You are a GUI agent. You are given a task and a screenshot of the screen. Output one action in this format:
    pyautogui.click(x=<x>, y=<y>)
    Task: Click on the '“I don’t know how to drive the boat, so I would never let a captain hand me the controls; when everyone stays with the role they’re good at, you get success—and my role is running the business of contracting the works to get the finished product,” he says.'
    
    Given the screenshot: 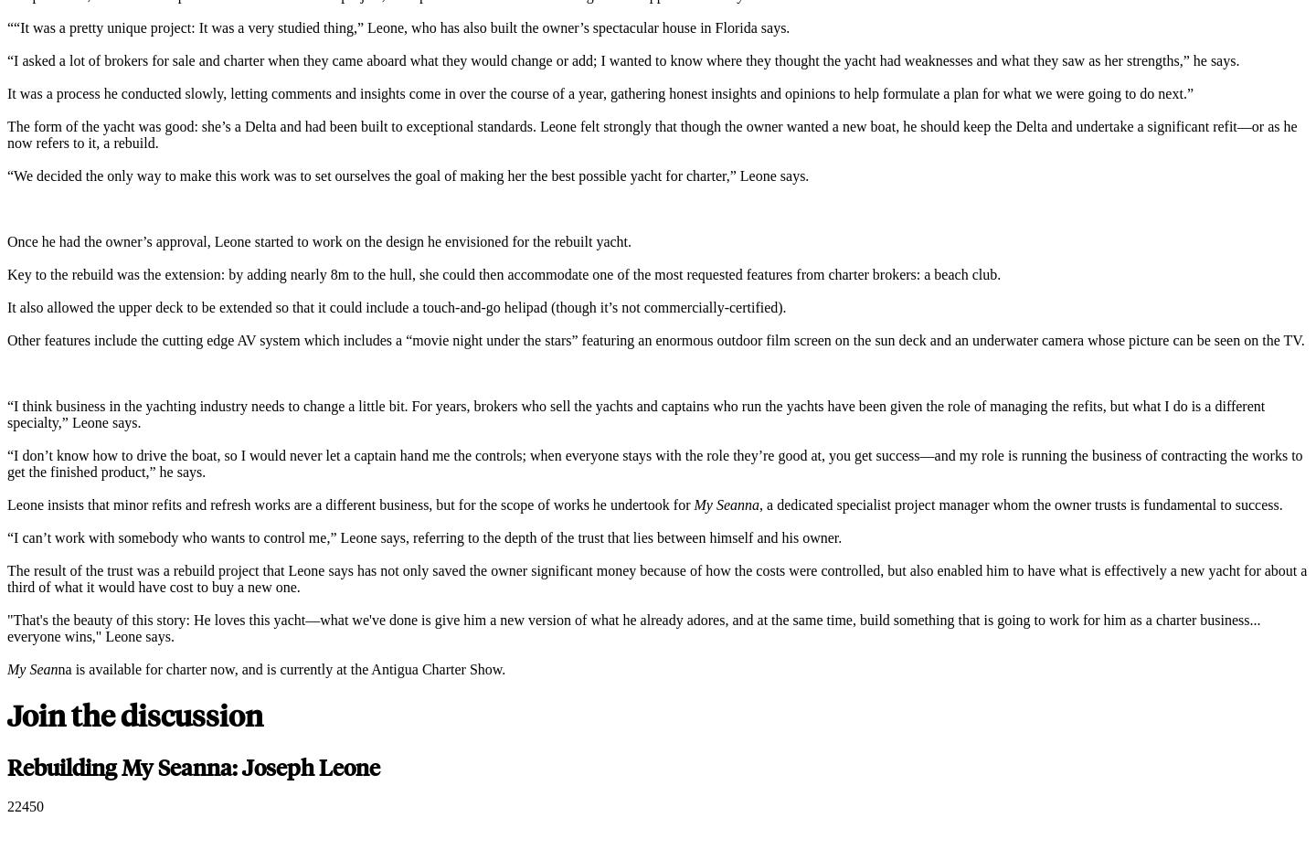 What is the action you would take?
    pyautogui.click(x=654, y=462)
    